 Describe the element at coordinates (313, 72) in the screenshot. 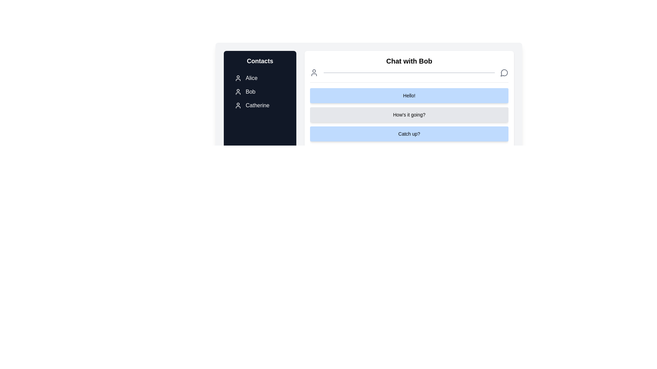

I see `the user profile silhouette icon, which is a minimalistic line art styled element located at the left side of a horizontal row in the top-center area of the chat interface` at that location.